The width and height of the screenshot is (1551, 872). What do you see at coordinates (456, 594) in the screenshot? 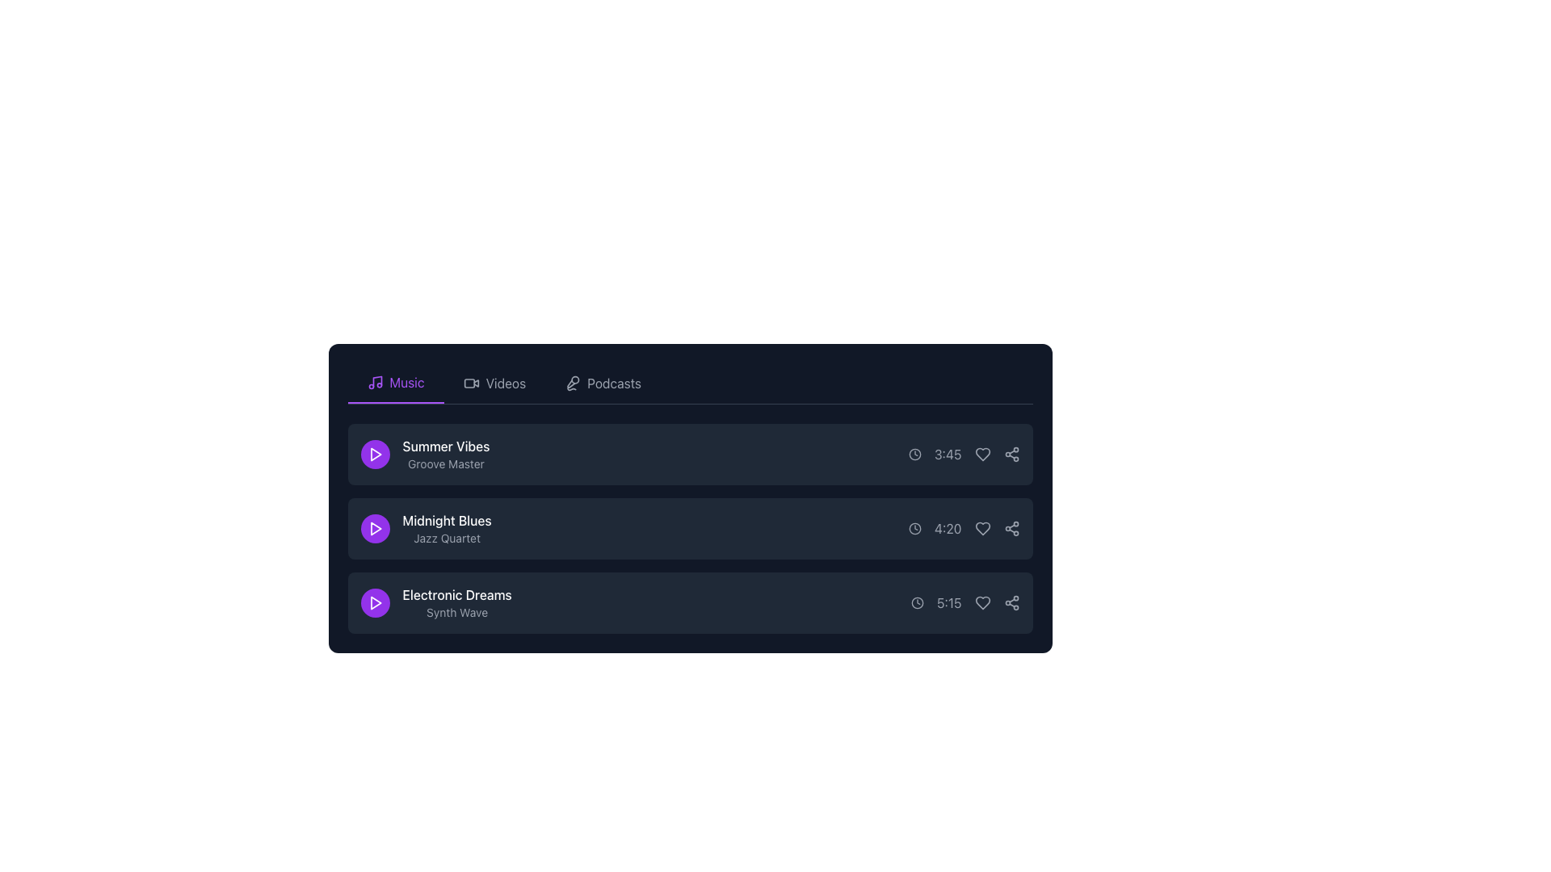
I see `the static text label that represents the title of the media item 'Electronic Dreams', which is positioned above the text 'Synth Wave'` at bounding box center [456, 594].